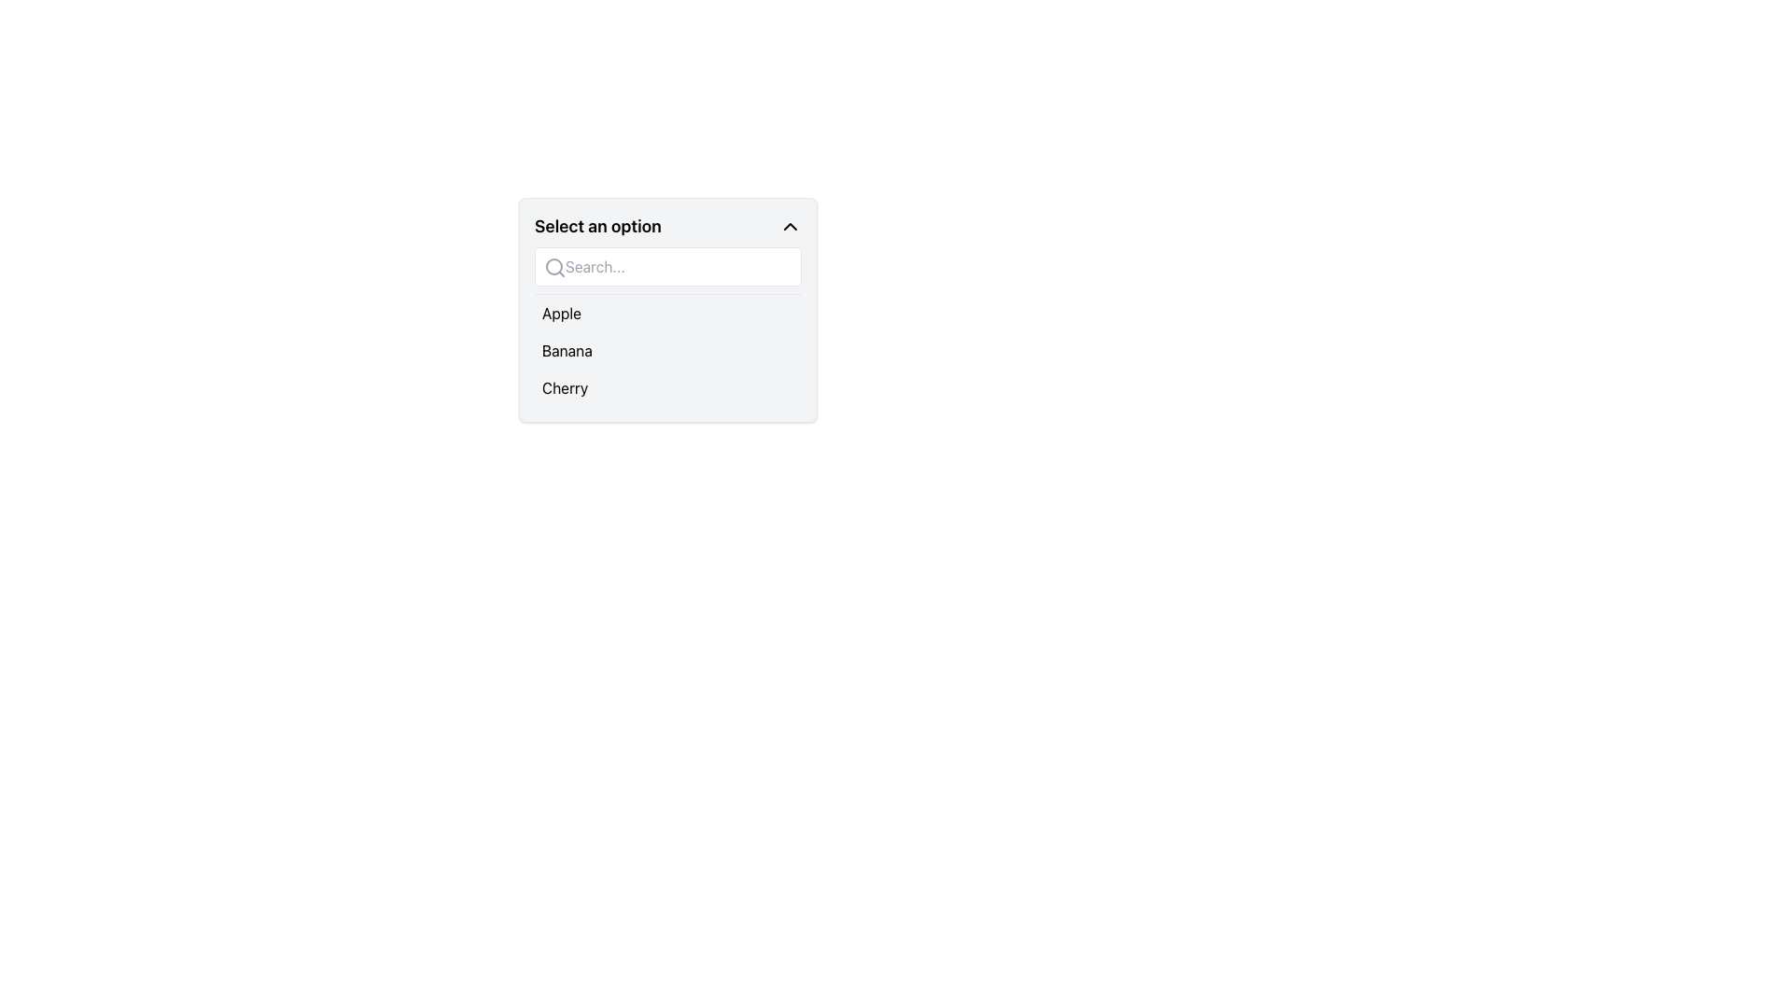 This screenshot has height=1008, width=1792. I want to click on the text label displaying 'Banana', so click(566, 350).